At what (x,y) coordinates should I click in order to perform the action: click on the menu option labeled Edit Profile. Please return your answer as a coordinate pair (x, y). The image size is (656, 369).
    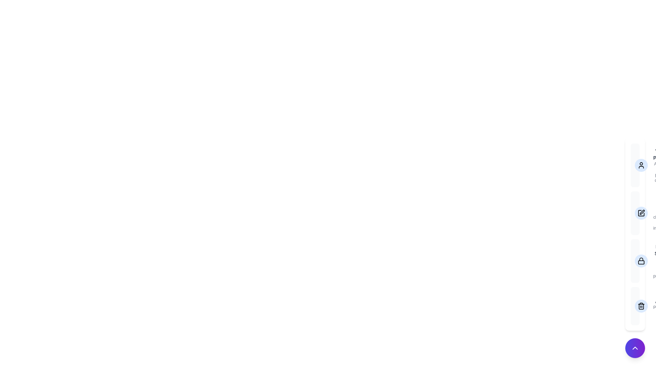
    Looking at the image, I should click on (634, 213).